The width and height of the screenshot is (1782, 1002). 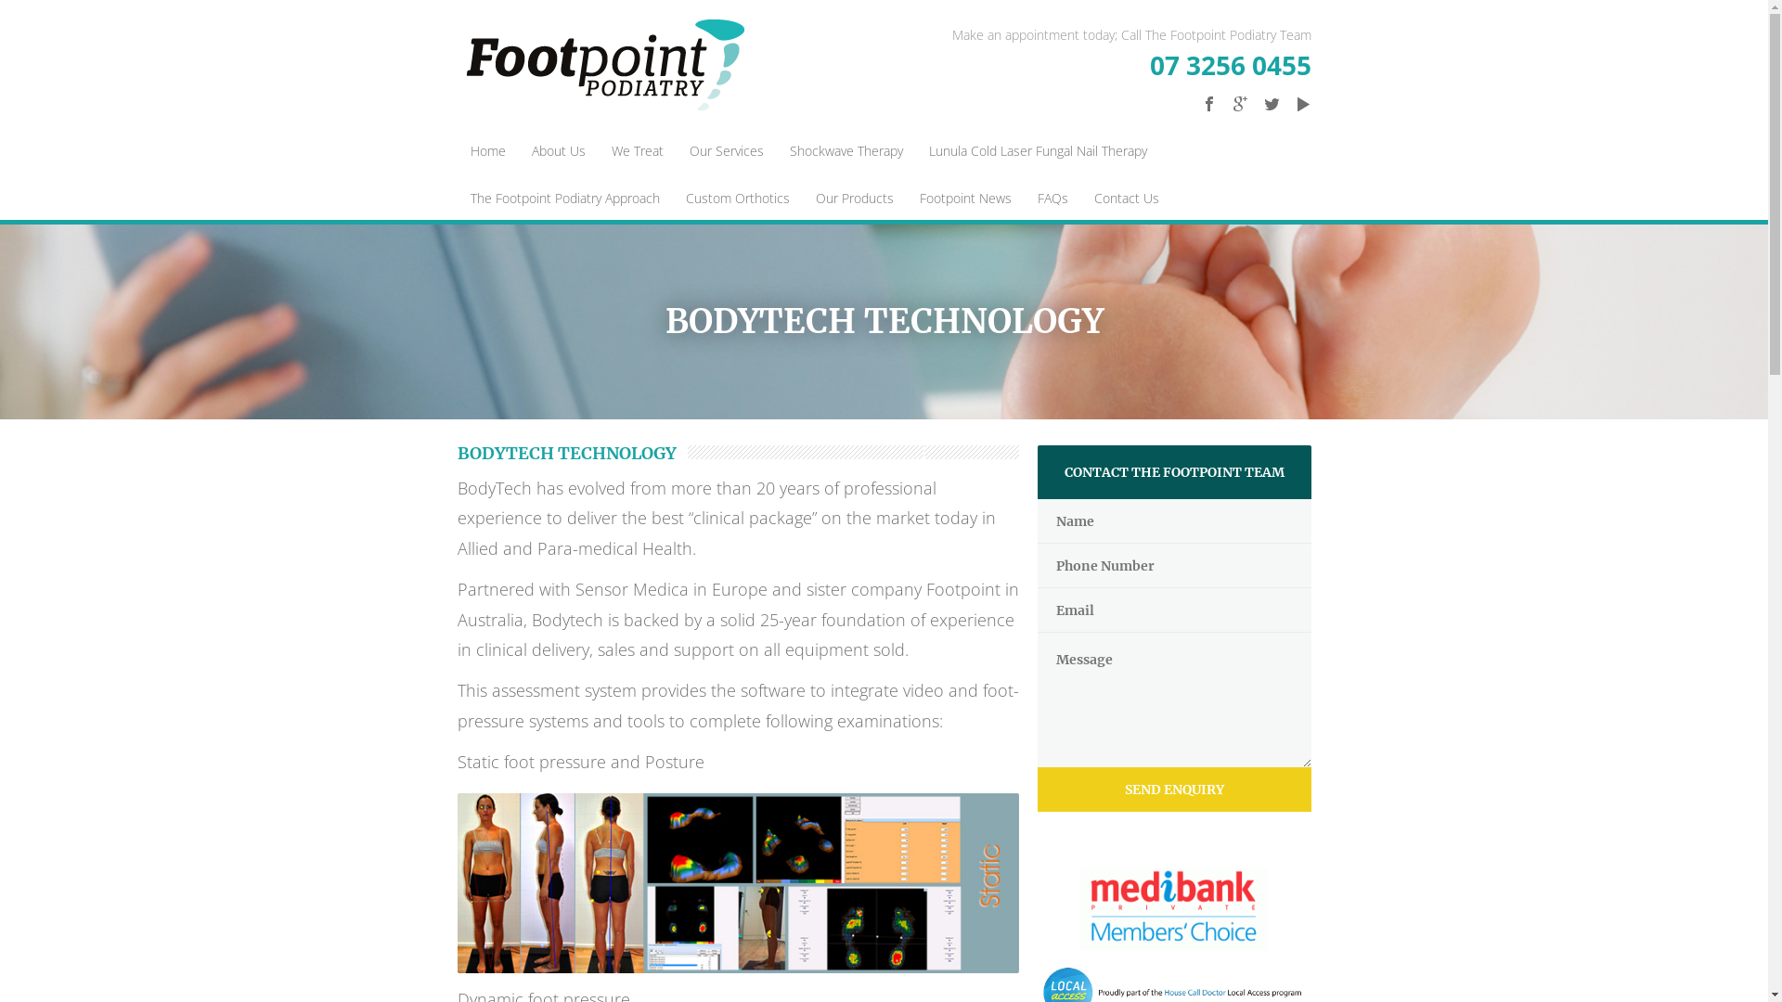 I want to click on 'Facebook', so click(x=1207, y=103).